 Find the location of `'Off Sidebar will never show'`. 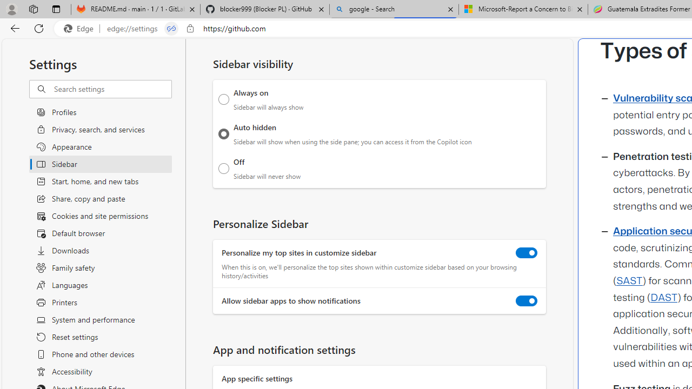

'Off Sidebar will never show' is located at coordinates (223, 168).